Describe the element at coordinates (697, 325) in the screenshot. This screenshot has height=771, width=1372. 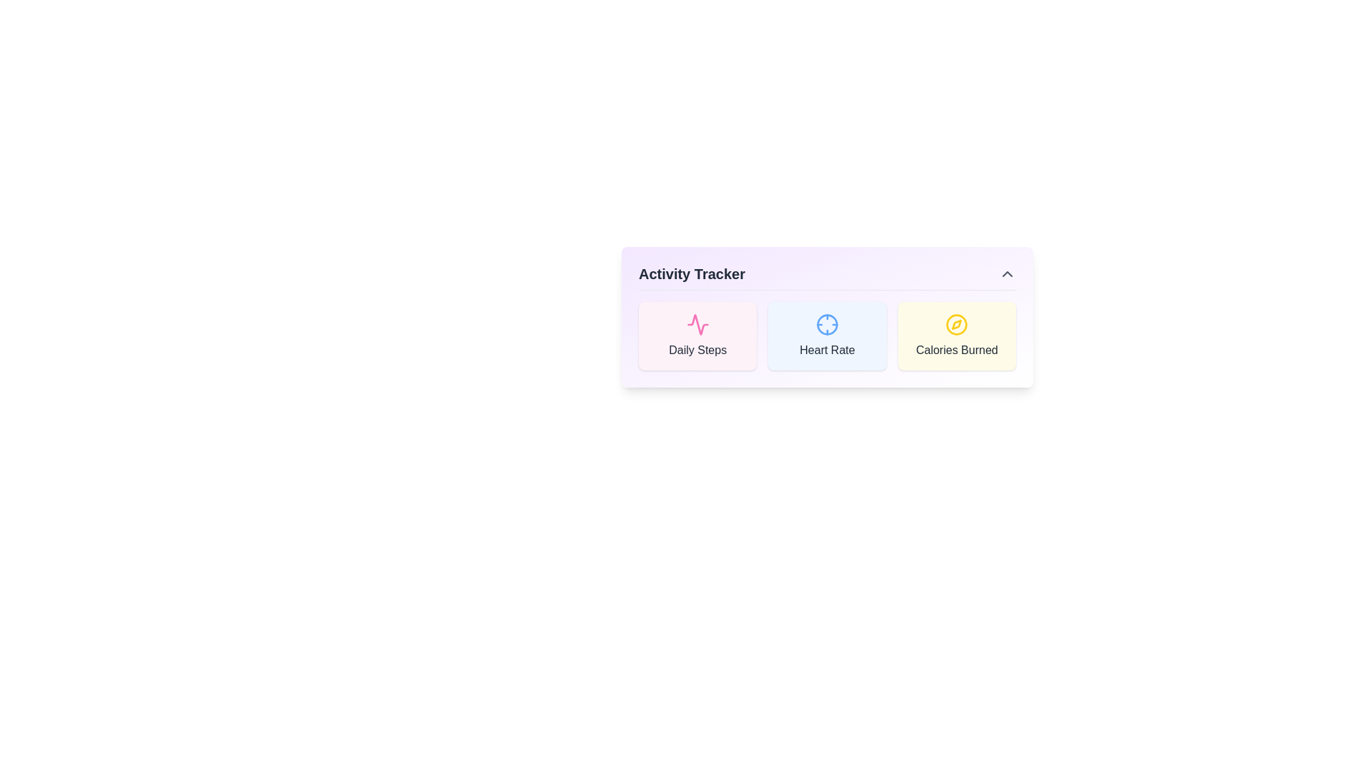
I see `the activity tracking icon located within the 'Daily Steps' card, which is the first card under the 'Activity Tracker' section` at that location.